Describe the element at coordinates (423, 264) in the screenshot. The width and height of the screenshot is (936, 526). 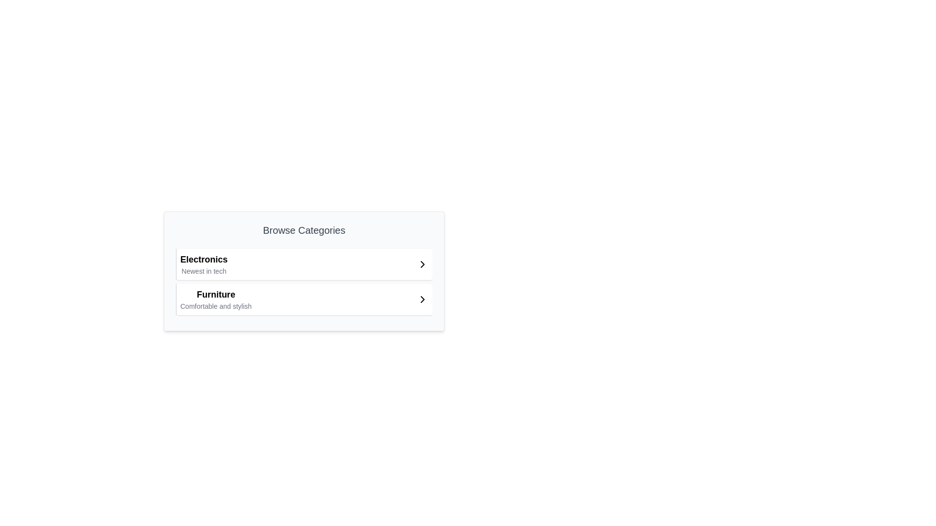
I see `the chevron icon indicating navigation for the 'Electronics' category` at that location.